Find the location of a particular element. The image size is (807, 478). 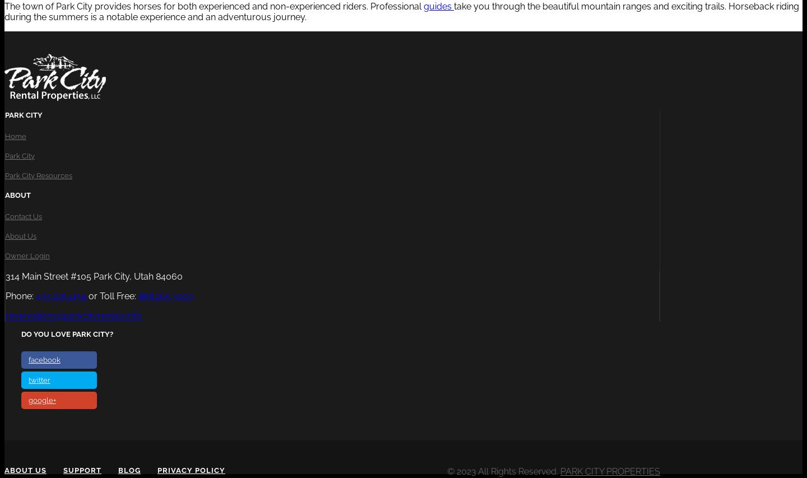

'Park City Resources' is located at coordinates (38, 175).